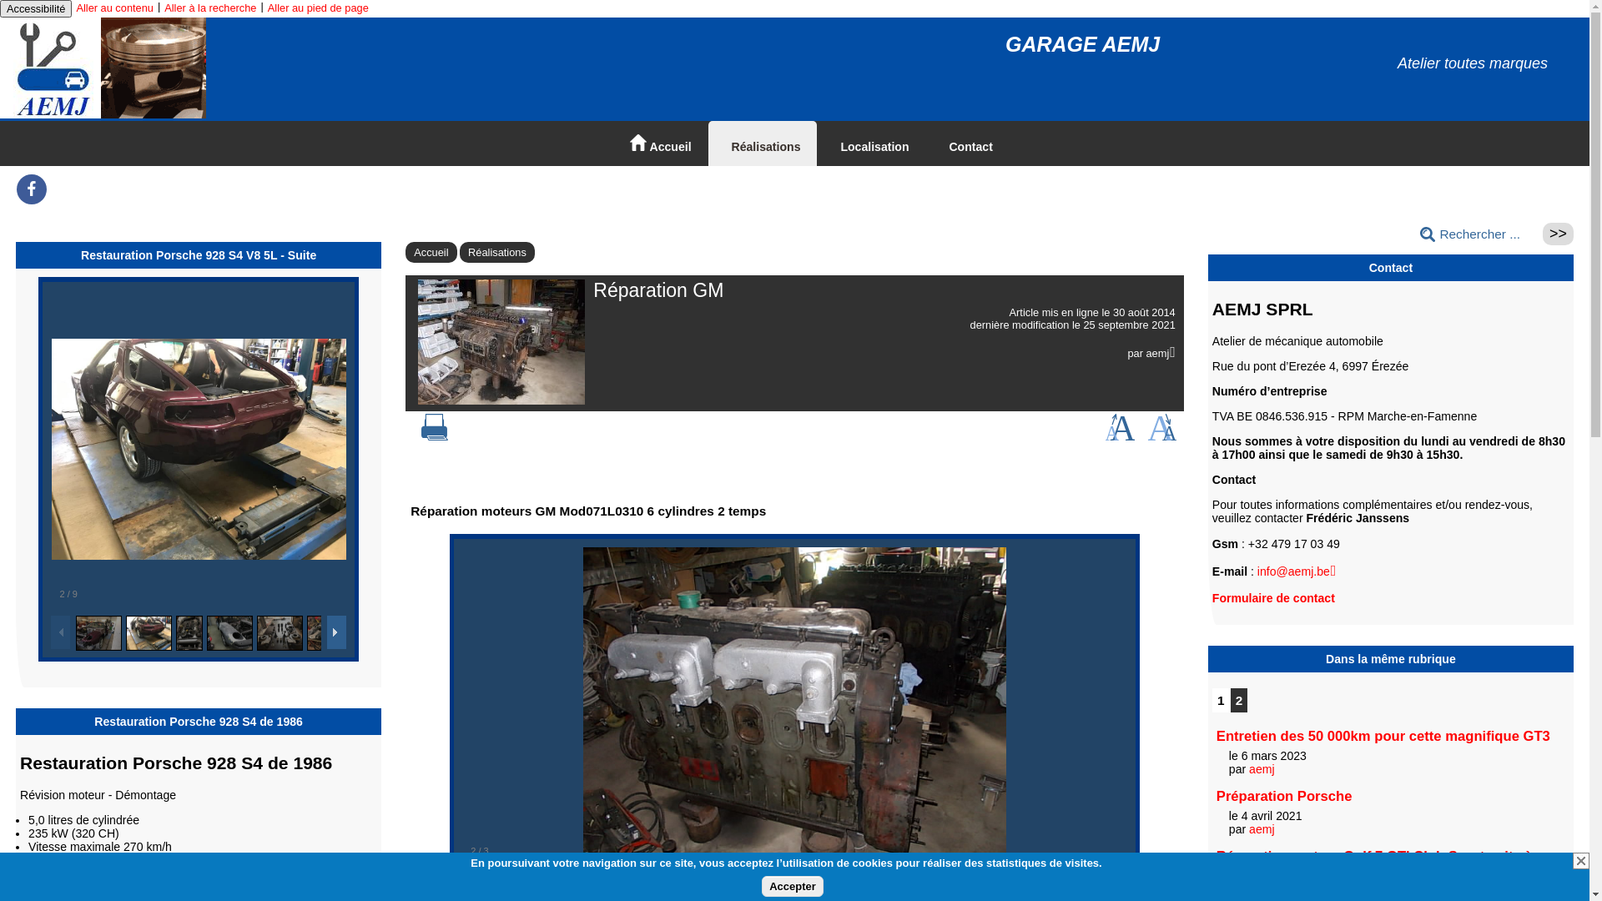 This screenshot has width=1602, height=901. Describe the element at coordinates (435, 435) in the screenshot. I see `'Imprimer'` at that location.